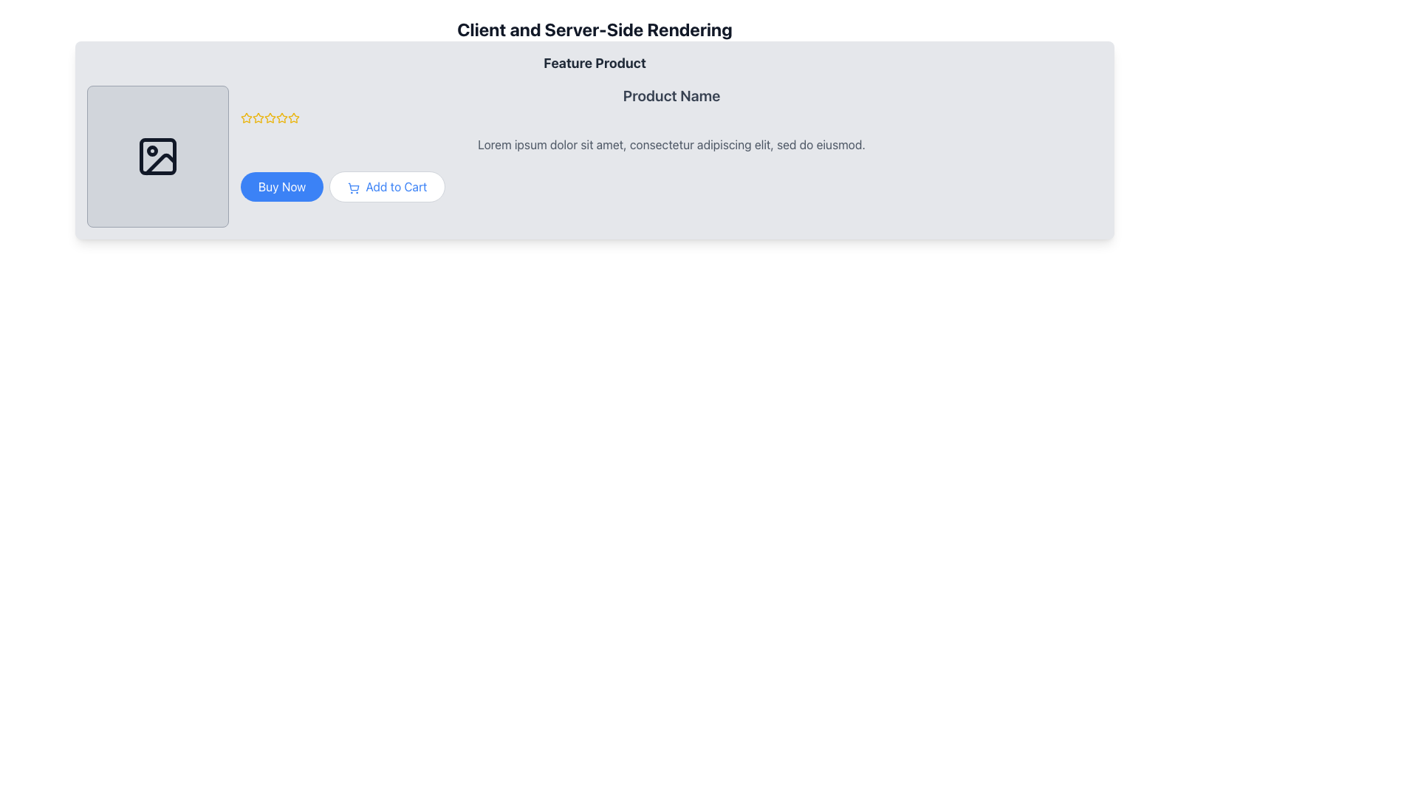 Image resolution: width=1418 pixels, height=798 pixels. Describe the element at coordinates (282, 117) in the screenshot. I see `the 6th star icon in the series of rating stars located underneath the product's image in the featured product section` at that location.